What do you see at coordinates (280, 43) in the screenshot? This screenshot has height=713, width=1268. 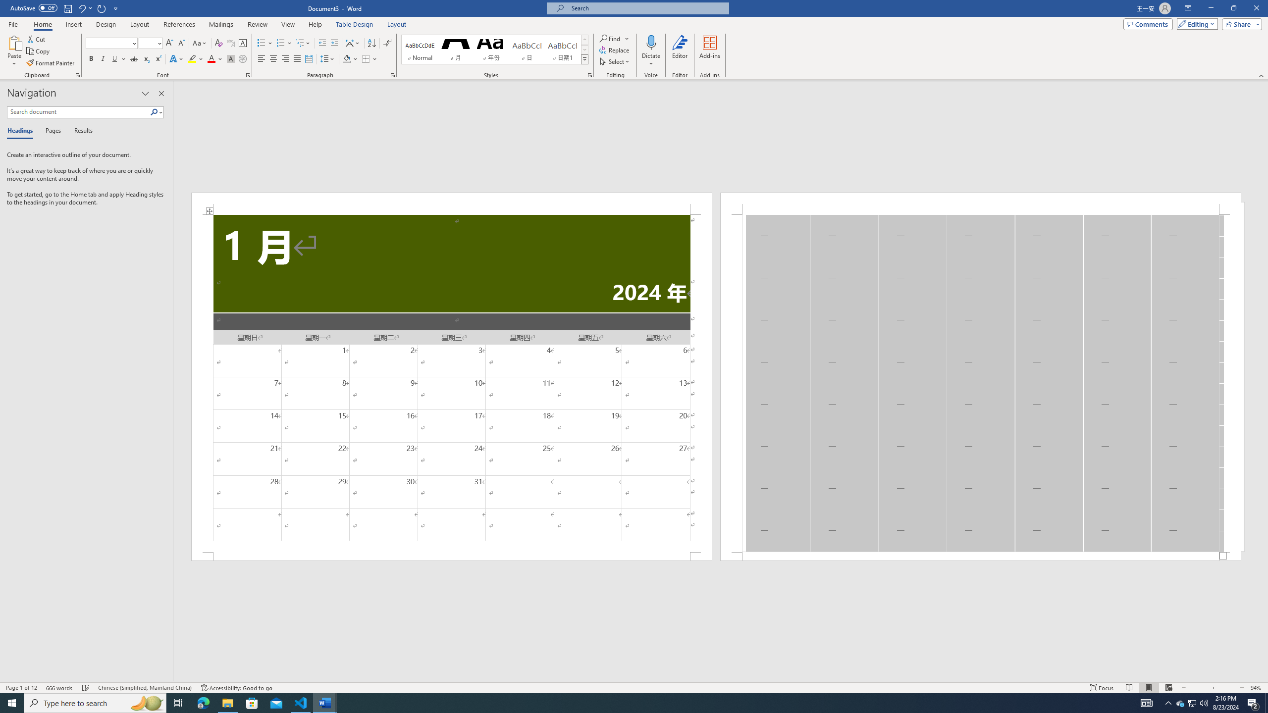 I see `'Numbering'` at bounding box center [280, 43].